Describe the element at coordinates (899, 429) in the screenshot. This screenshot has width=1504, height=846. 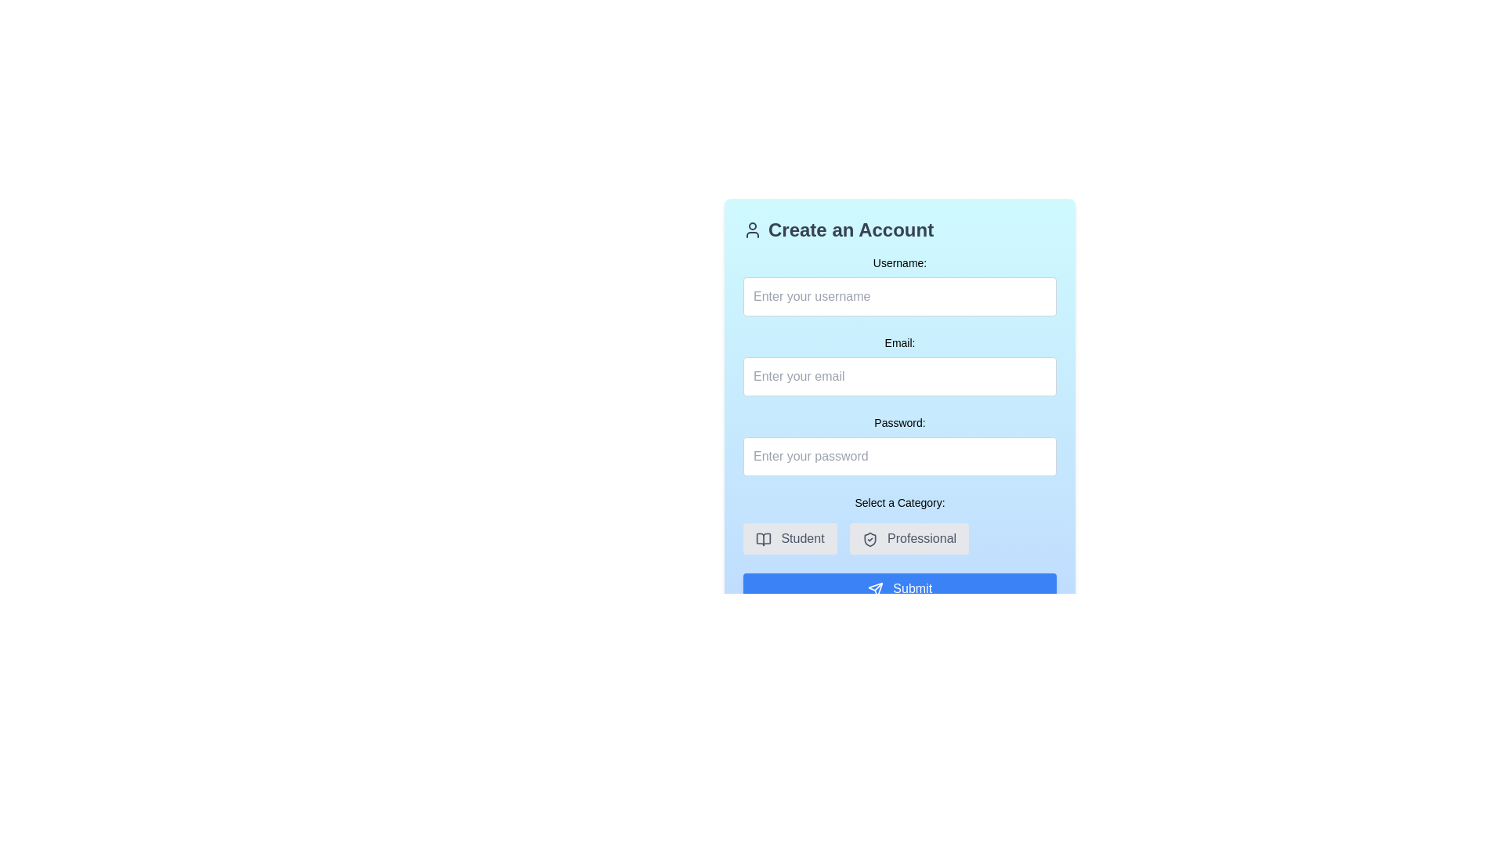
I see `the Password input box located in the 'Create an Account' section, positioned below the 'Email' input field and above the 'Select a Category' options` at that location.